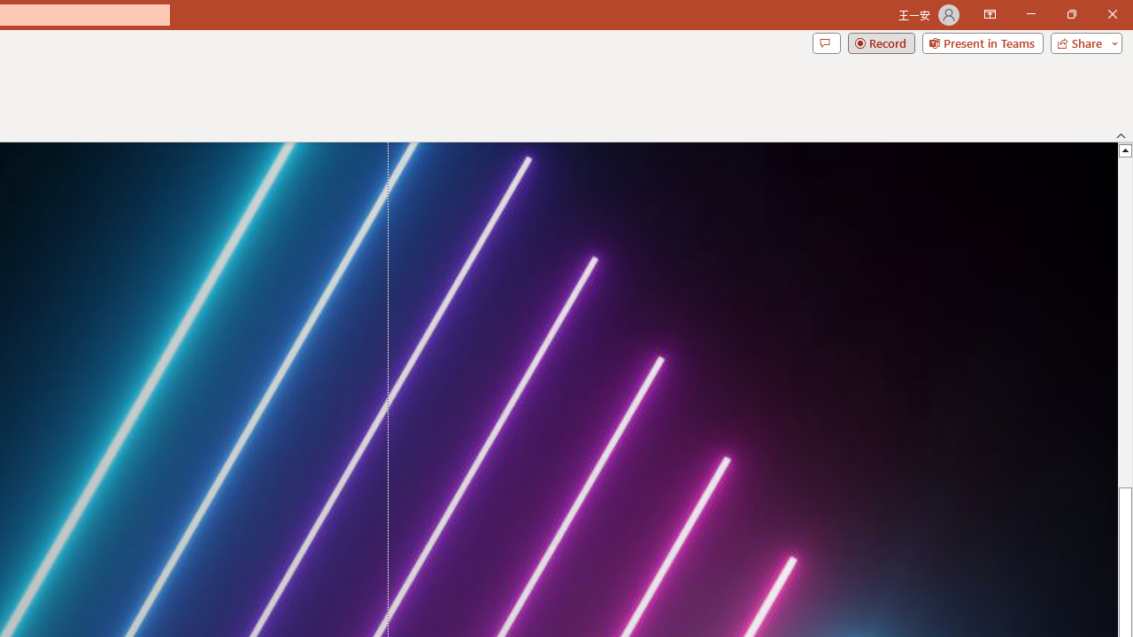 This screenshot has width=1133, height=637. Describe the element at coordinates (881, 42) in the screenshot. I see `'Record'` at that location.